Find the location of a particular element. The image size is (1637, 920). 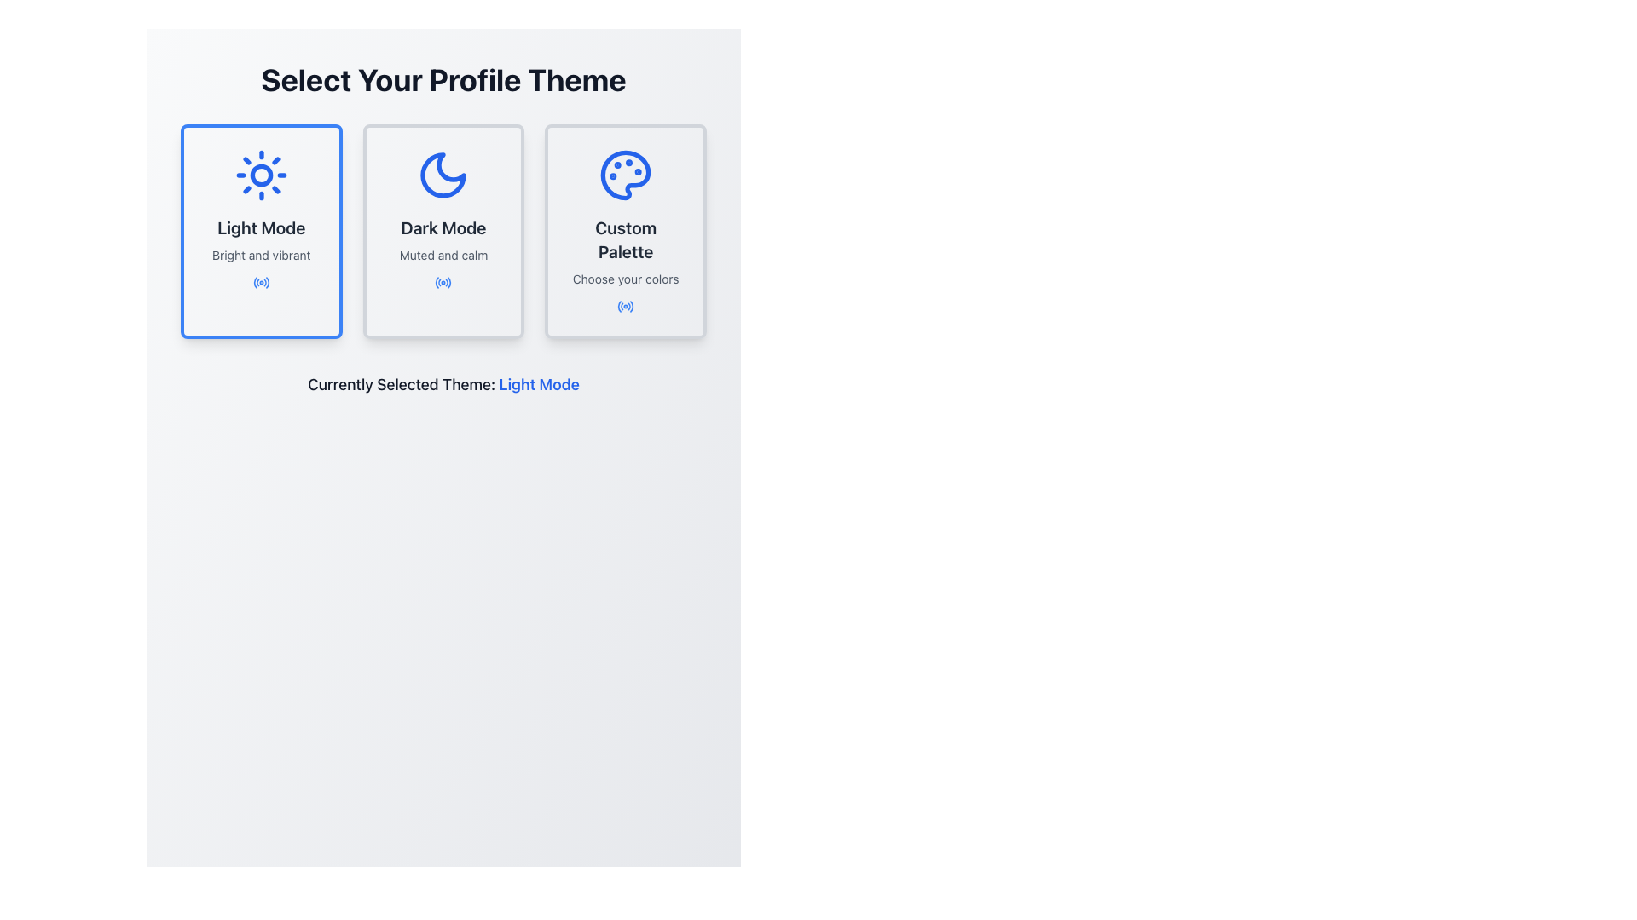

the decorative 'Dark Mode' icon located at the center-top of the card labeled 'Dark Mode' with the subtitle 'Muted and calm' is located at coordinates (443, 175).